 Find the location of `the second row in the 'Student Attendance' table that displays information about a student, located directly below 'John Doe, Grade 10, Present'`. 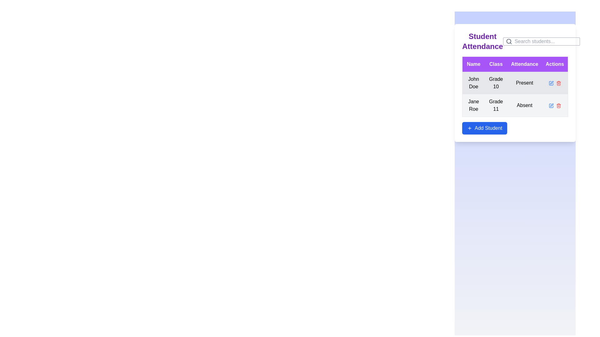

the second row in the 'Student Attendance' table that displays information about a student, located directly below 'John Doe, Grade 10, Present' is located at coordinates (515, 105).